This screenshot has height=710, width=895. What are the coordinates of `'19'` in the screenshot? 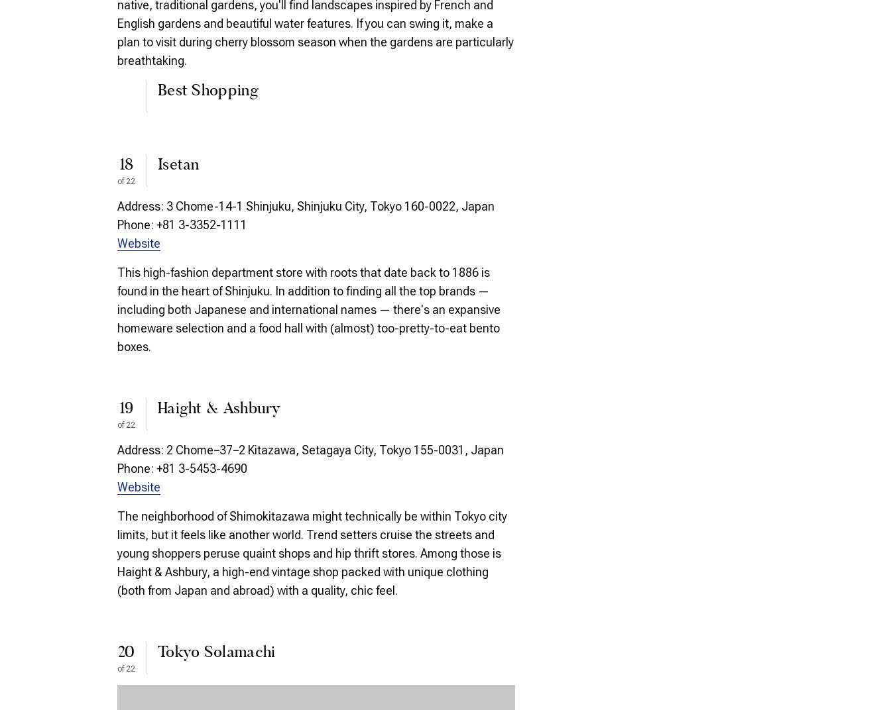 It's located at (125, 409).